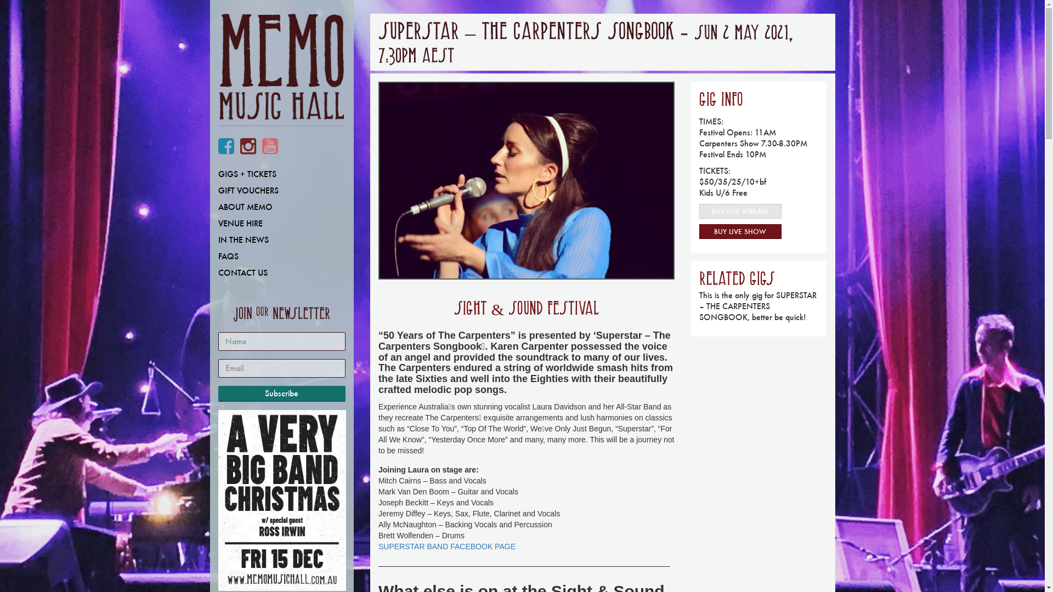 The image size is (1053, 592). Describe the element at coordinates (281, 190) in the screenshot. I see `'GIFT VOUCHERS'` at that location.